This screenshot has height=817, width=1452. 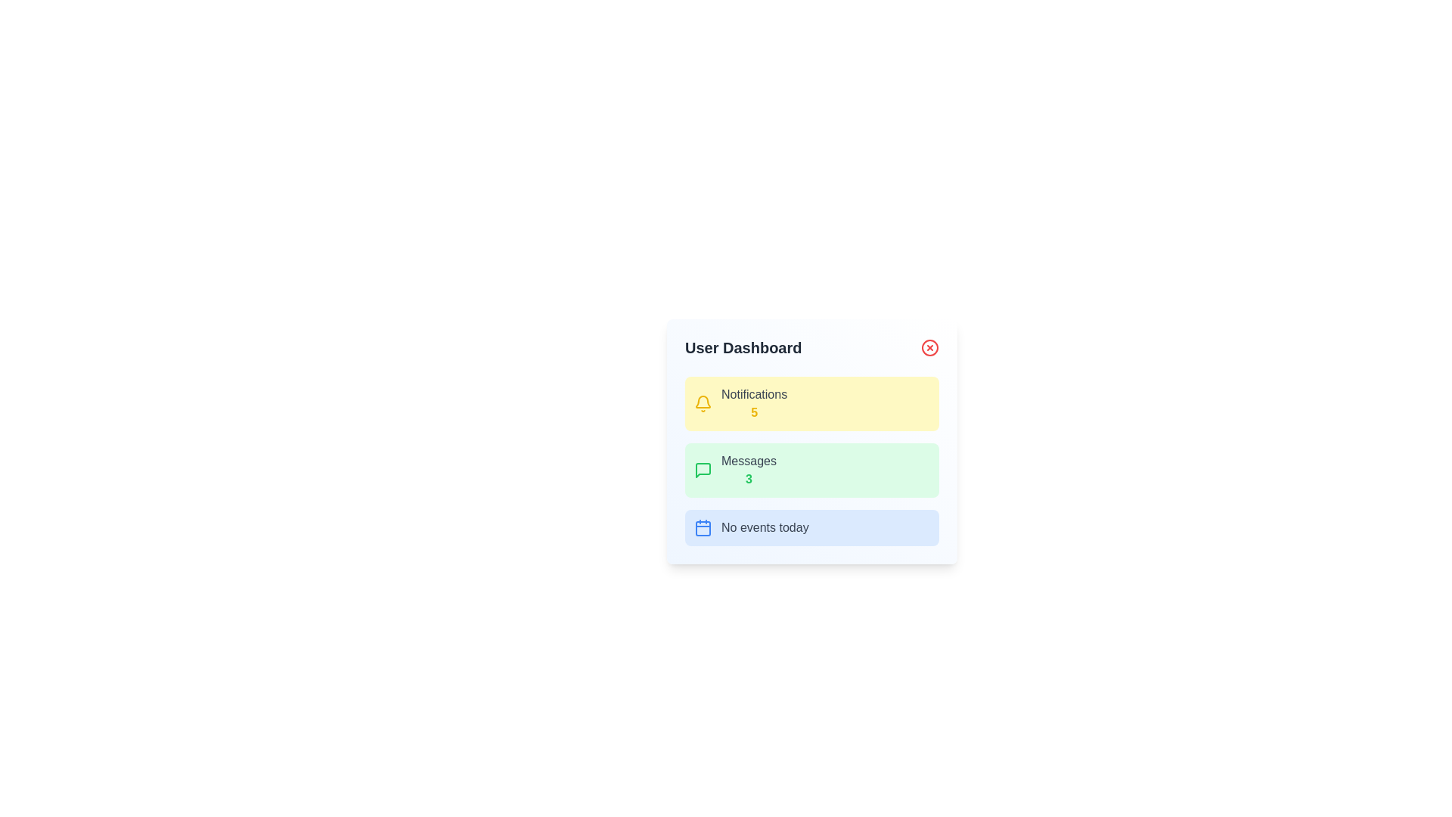 What do you see at coordinates (811, 469) in the screenshot?
I see `the informational section that indicates '3' unread messages, located below the 'Notifications' section and above the 'No events today' section` at bounding box center [811, 469].